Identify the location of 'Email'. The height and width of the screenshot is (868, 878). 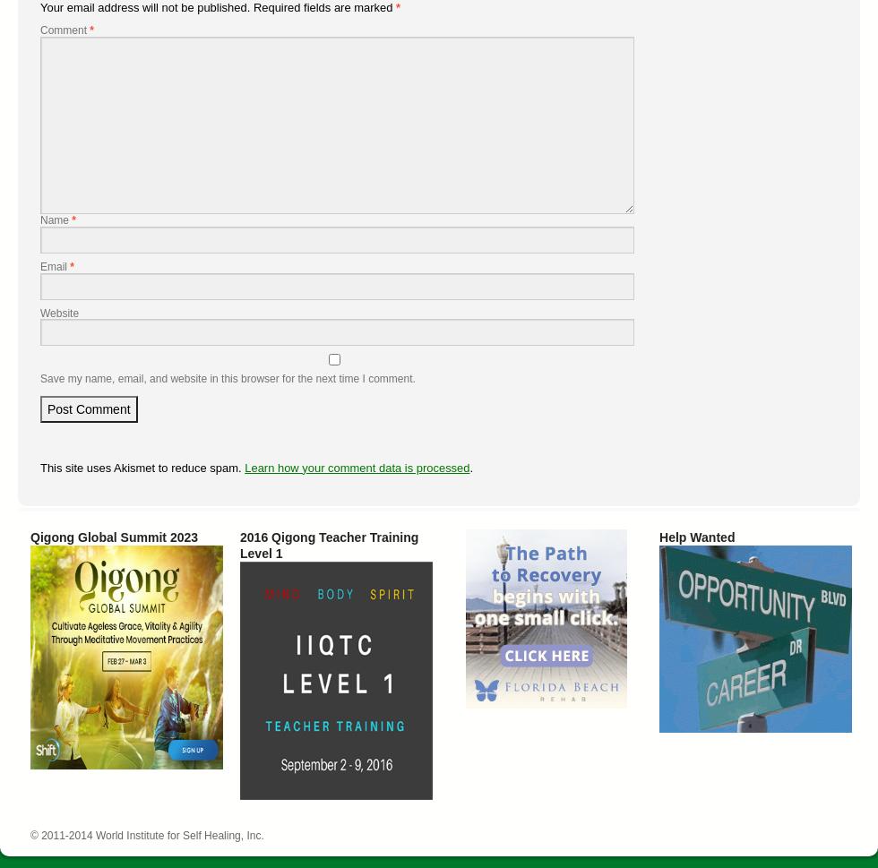
(55, 265).